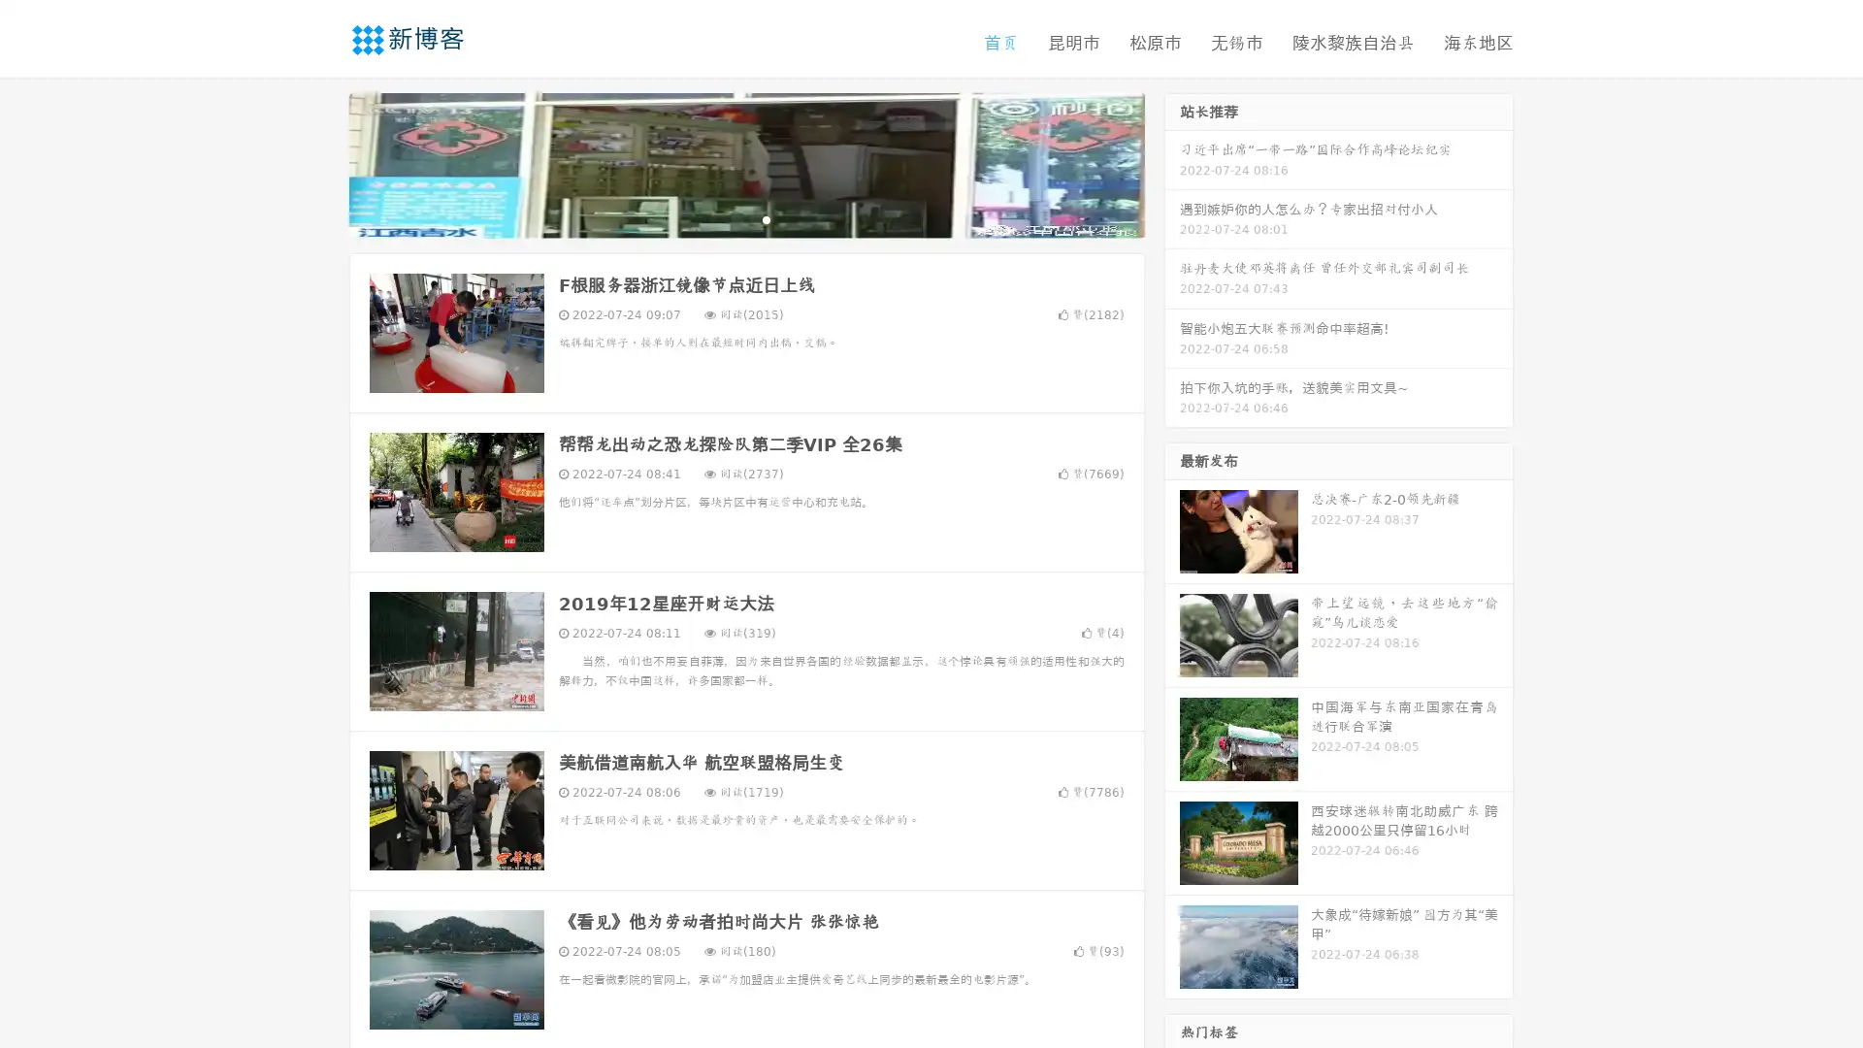 This screenshot has width=1863, height=1048. I want to click on Go to slide 1, so click(726, 218).